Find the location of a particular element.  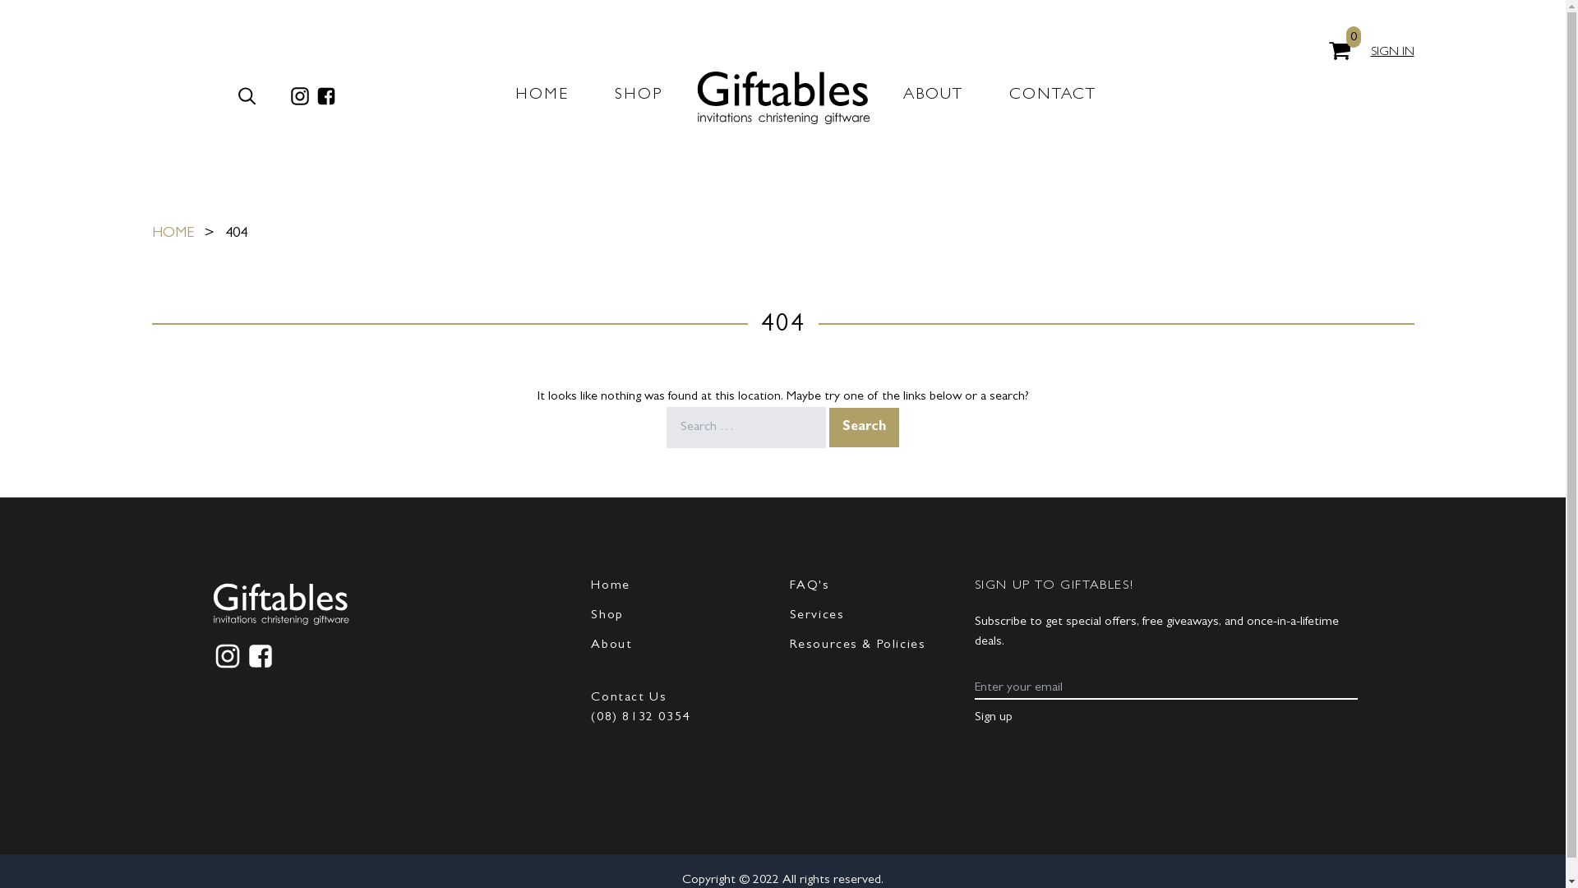

'FAQ's' is located at coordinates (809, 585).